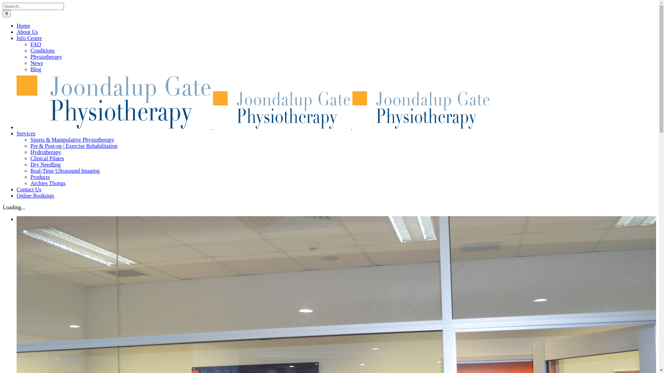  I want to click on 'Skip to content', so click(2, 2).